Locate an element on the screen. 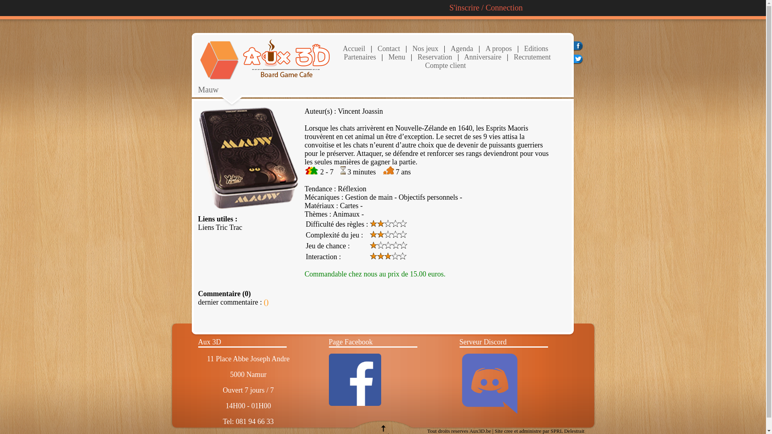  'nombre de joueurs' is located at coordinates (311, 172).